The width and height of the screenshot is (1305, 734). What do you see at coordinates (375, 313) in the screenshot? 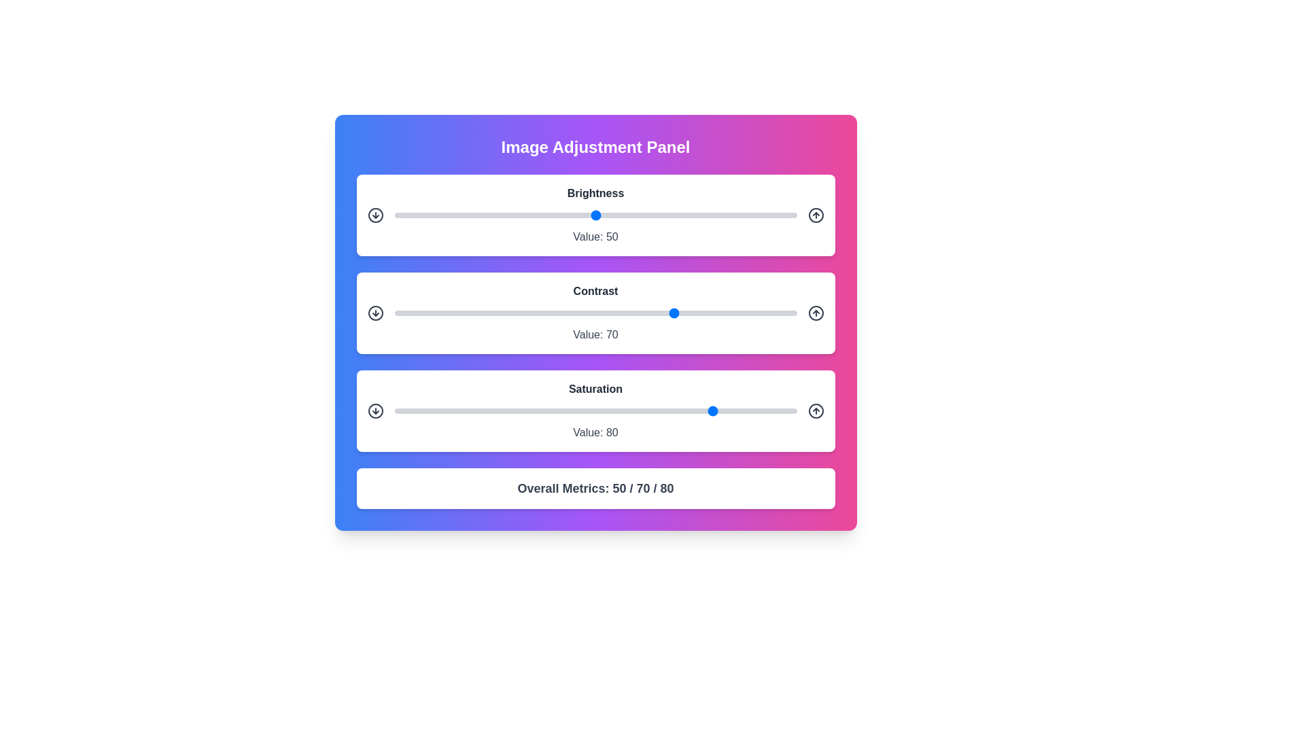
I see `the leftmost icon in the 'Contrast' section of the image adjustment panel to decrease or reset the associated contrast value` at bounding box center [375, 313].